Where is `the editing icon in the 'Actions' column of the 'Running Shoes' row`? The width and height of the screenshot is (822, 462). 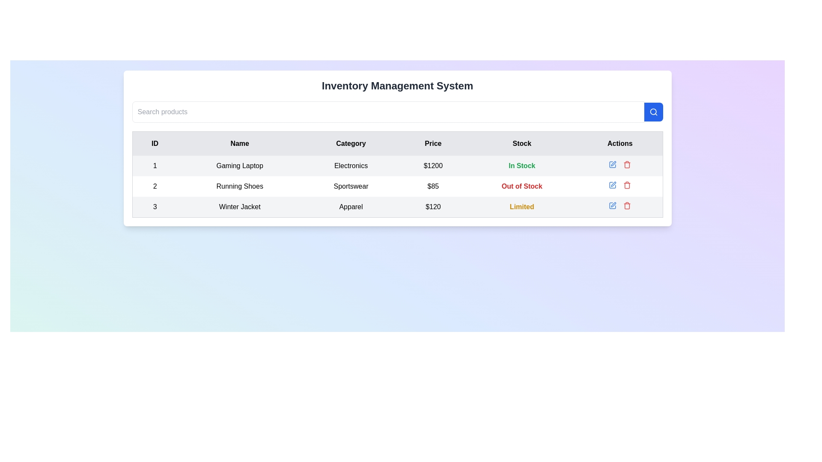
the editing icon in the 'Actions' column of the 'Running Shoes' row is located at coordinates (612, 184).